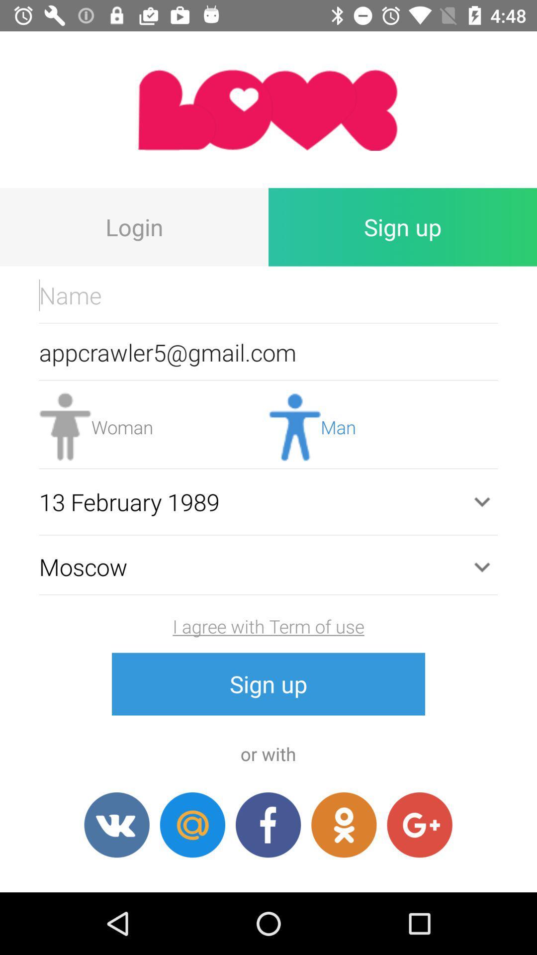 This screenshot has height=955, width=537. What do you see at coordinates (268, 825) in the screenshot?
I see `sign up via facebook` at bounding box center [268, 825].